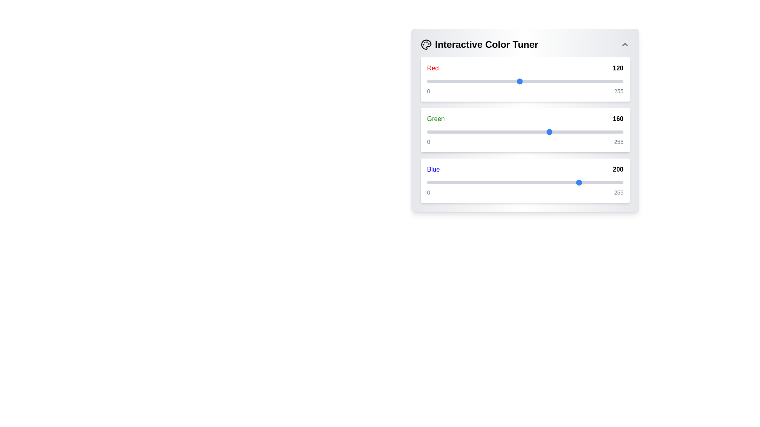 The height and width of the screenshot is (427, 760). Describe the element at coordinates (625, 44) in the screenshot. I see `the interactive button located at the top-right corner of the 'Interactive Color Tuner' header` at that location.